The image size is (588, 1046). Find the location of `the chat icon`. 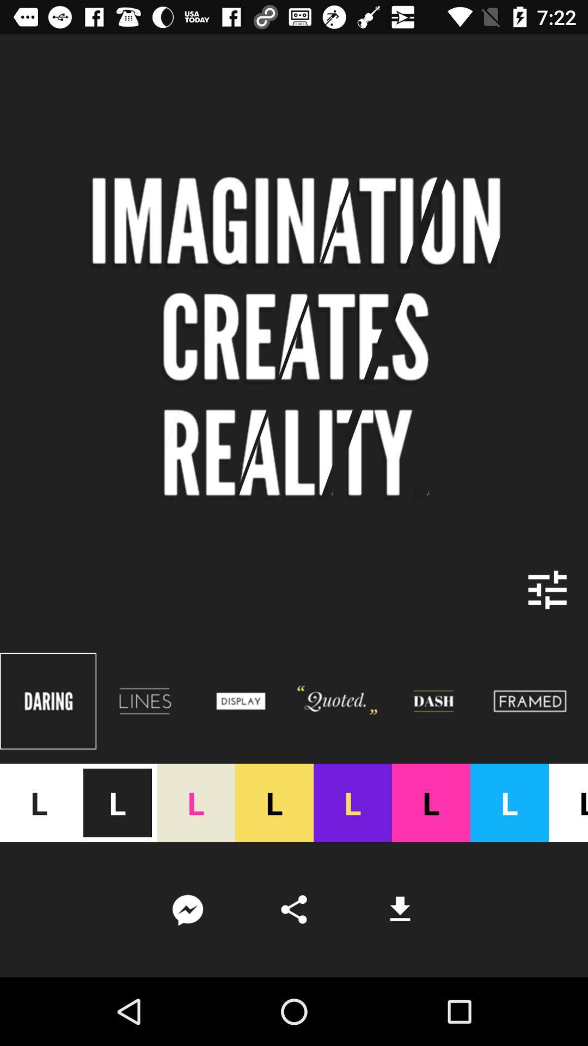

the chat icon is located at coordinates (187, 909).